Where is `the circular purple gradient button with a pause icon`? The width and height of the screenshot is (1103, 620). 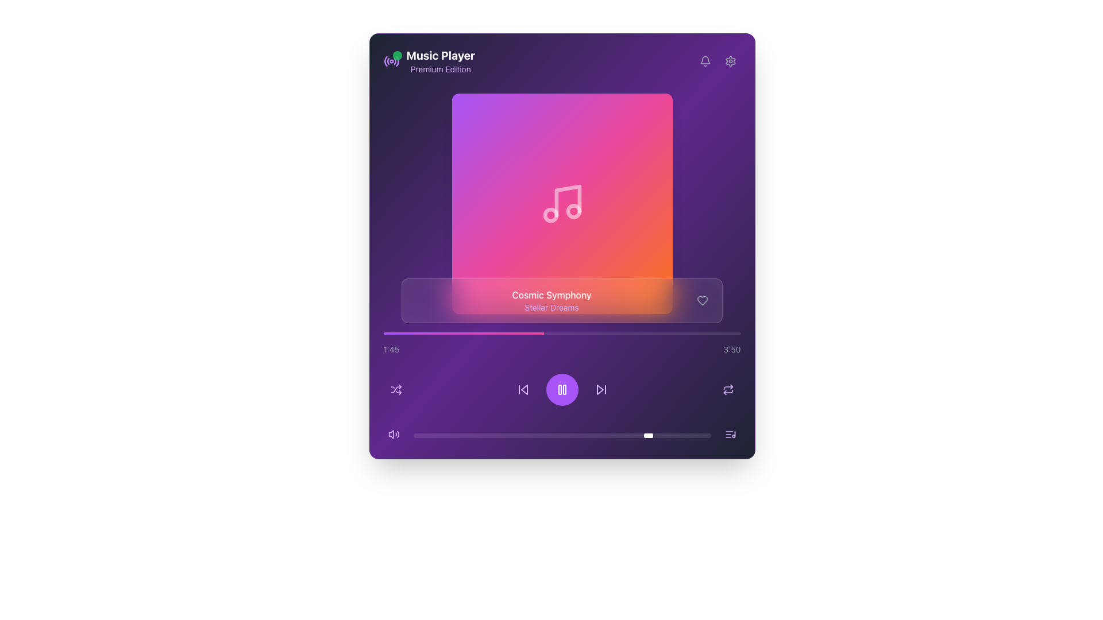
the circular purple gradient button with a pause icon is located at coordinates (562, 389).